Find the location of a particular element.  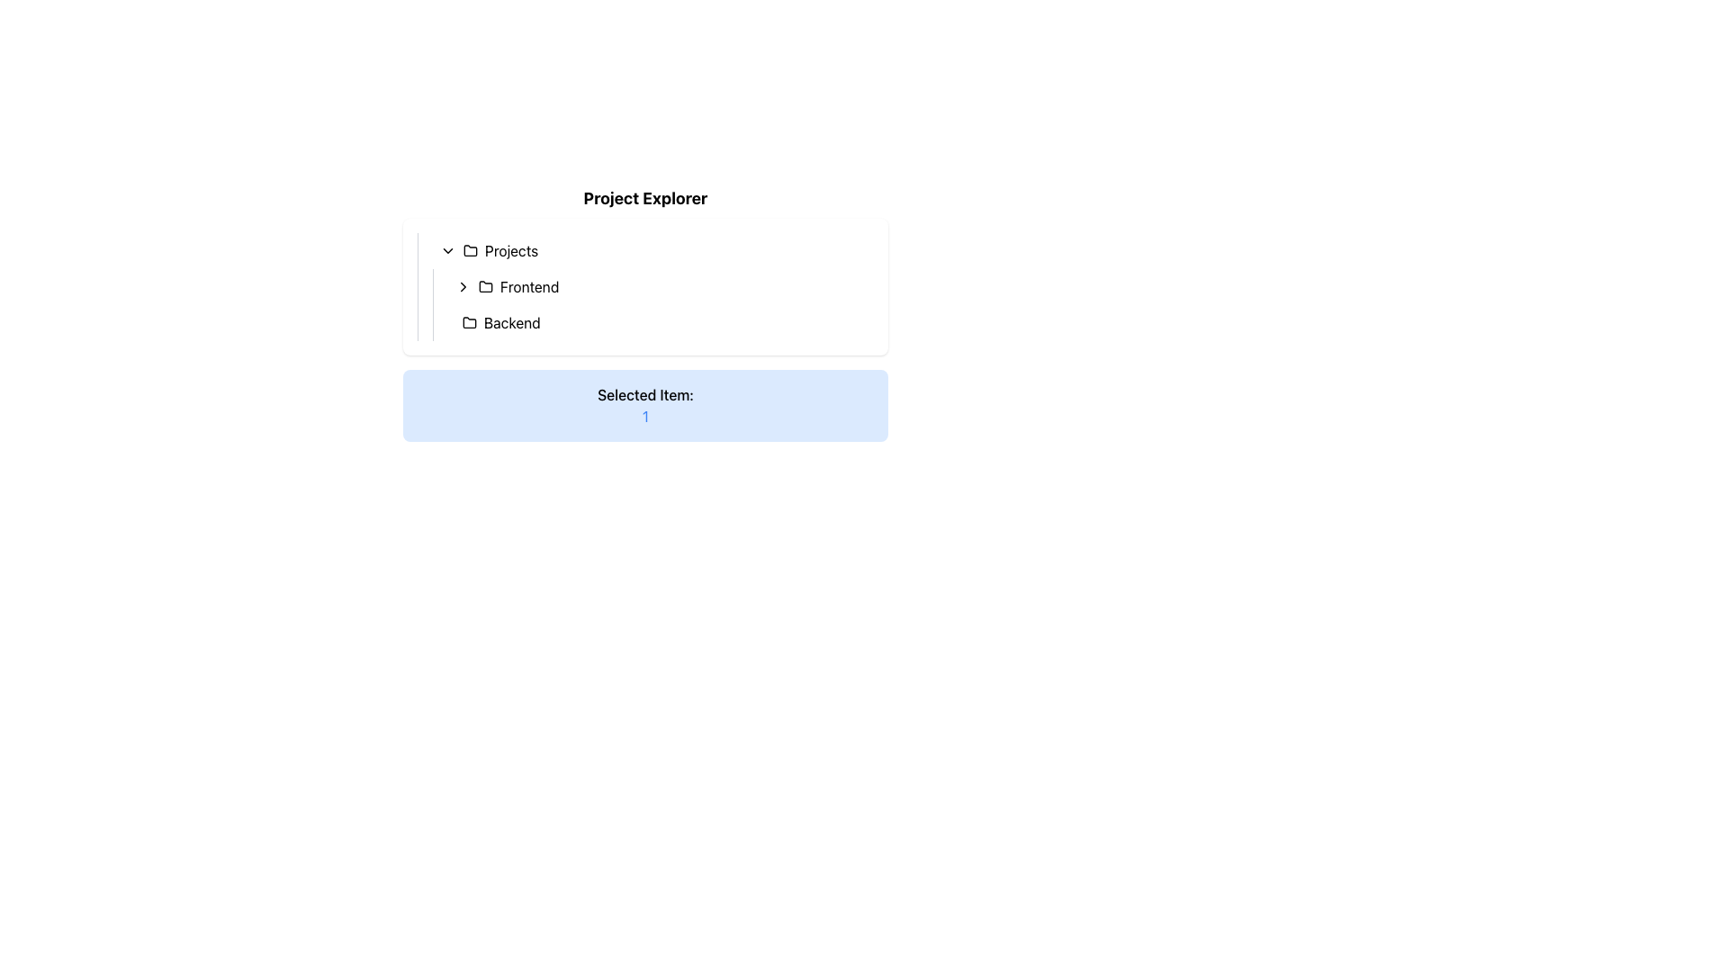

SVG icon representing the expandable action for the 'Frontend' sub-item under the 'Projects' list to view additional properties is located at coordinates (463, 286).